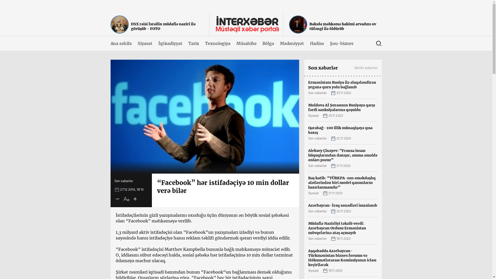 The image size is (496, 279). Describe the element at coordinates (193, 43) in the screenshot. I see `'Tarix'` at that location.